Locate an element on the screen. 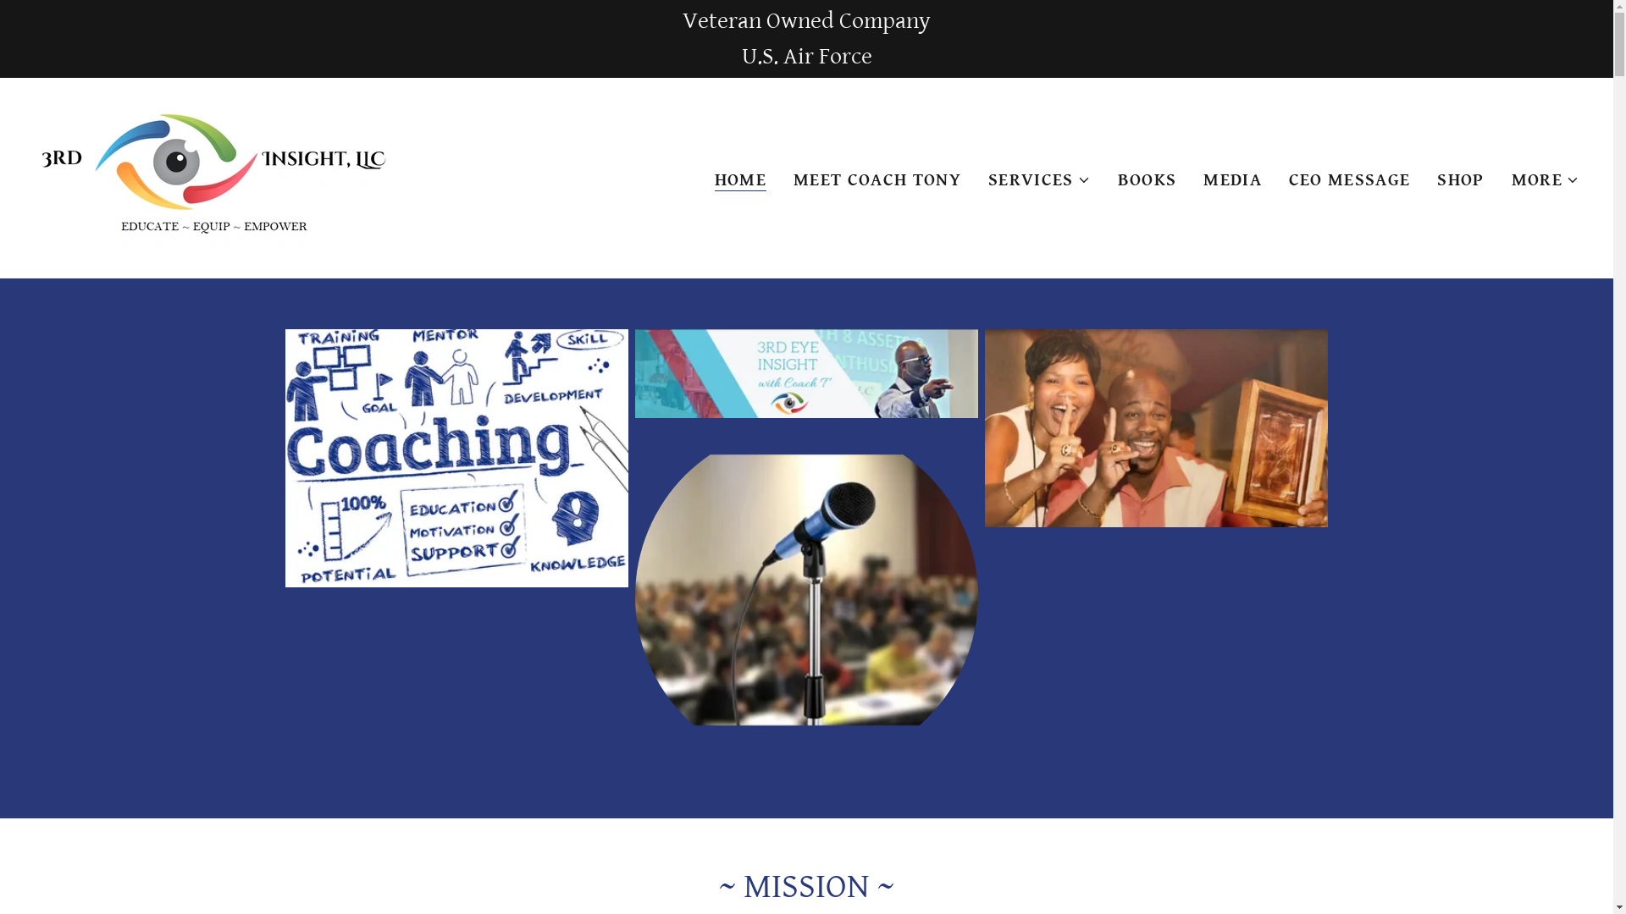  'MEET COACH TONY' is located at coordinates (877, 179).